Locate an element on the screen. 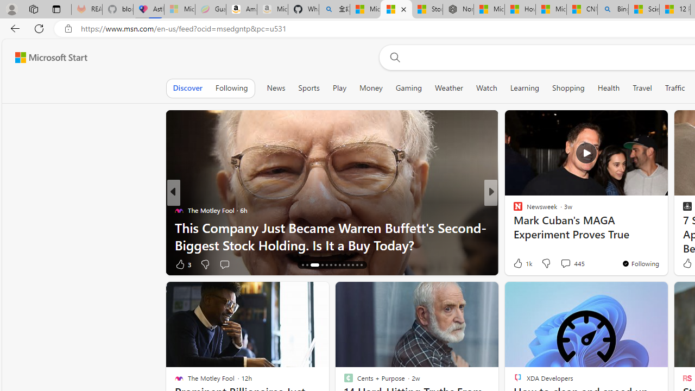  'AutomationID: tab-24' is located at coordinates (352, 265).